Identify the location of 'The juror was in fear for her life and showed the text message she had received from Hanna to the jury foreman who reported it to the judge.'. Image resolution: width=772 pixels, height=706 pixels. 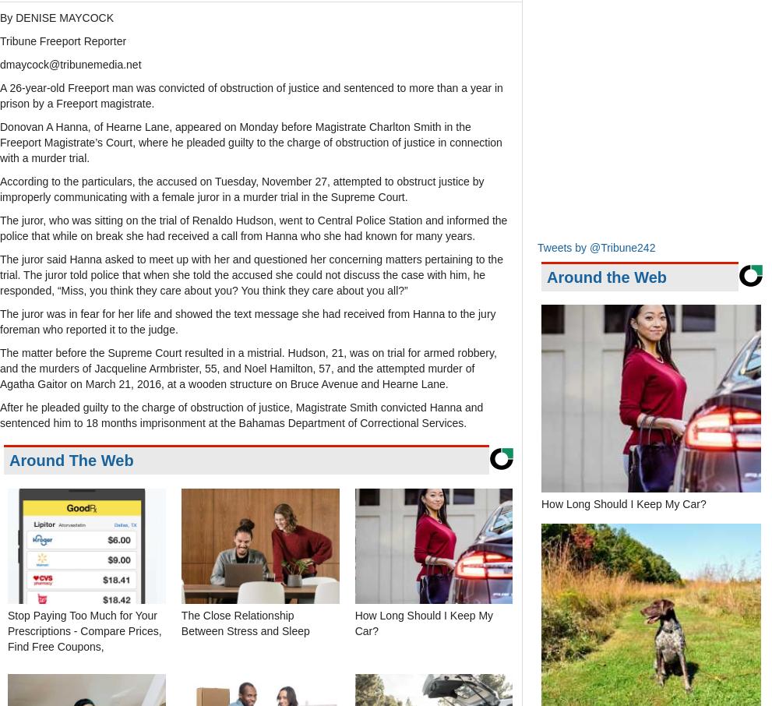
(0, 321).